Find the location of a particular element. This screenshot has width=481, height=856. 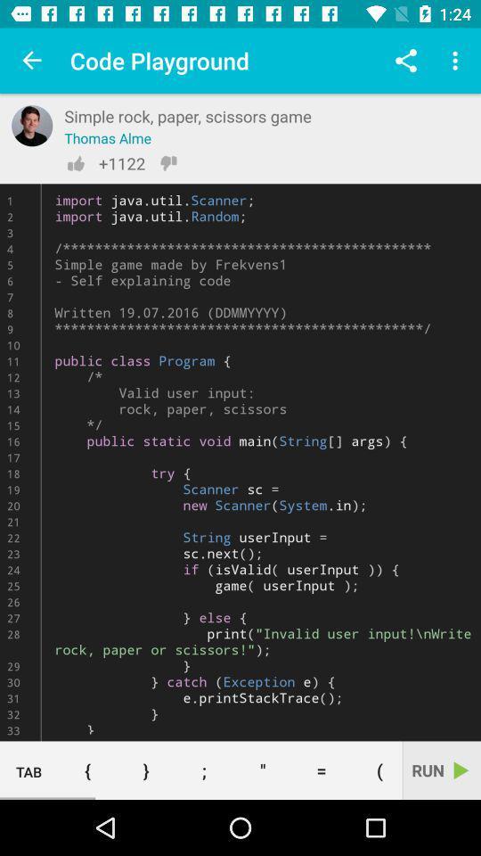

the thumbs_up icon is located at coordinates (75, 163).